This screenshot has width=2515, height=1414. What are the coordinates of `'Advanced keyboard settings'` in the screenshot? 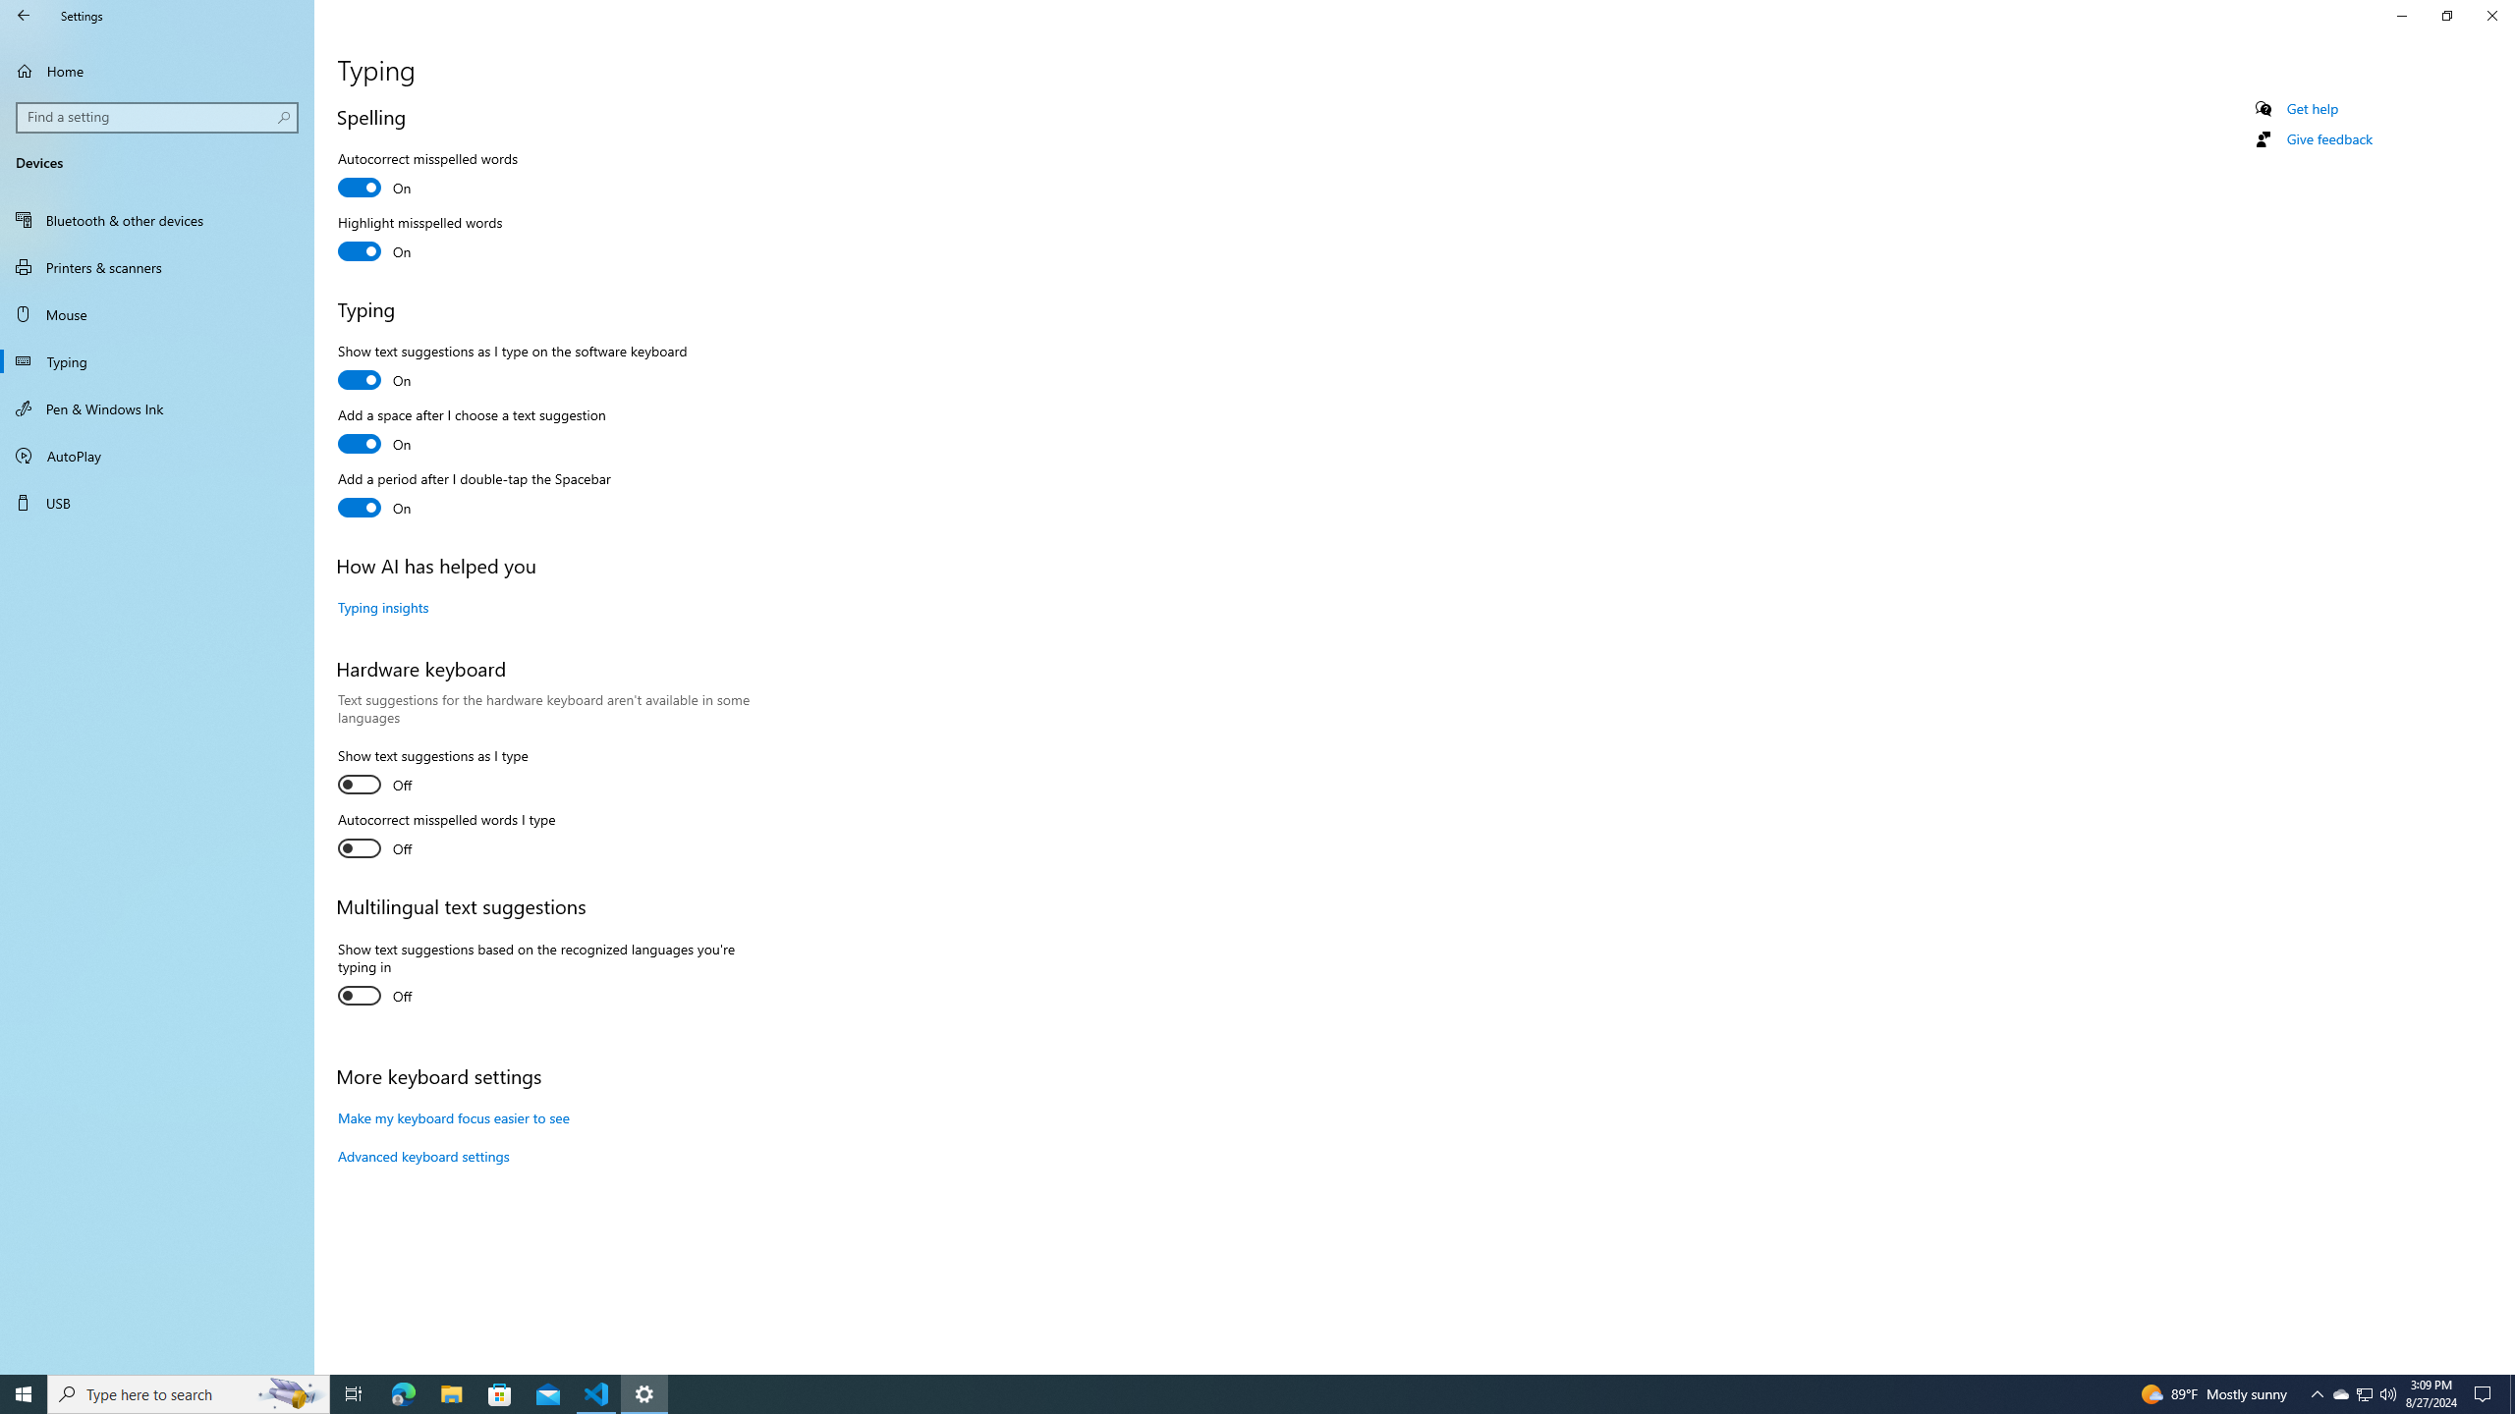 It's located at (423, 1155).